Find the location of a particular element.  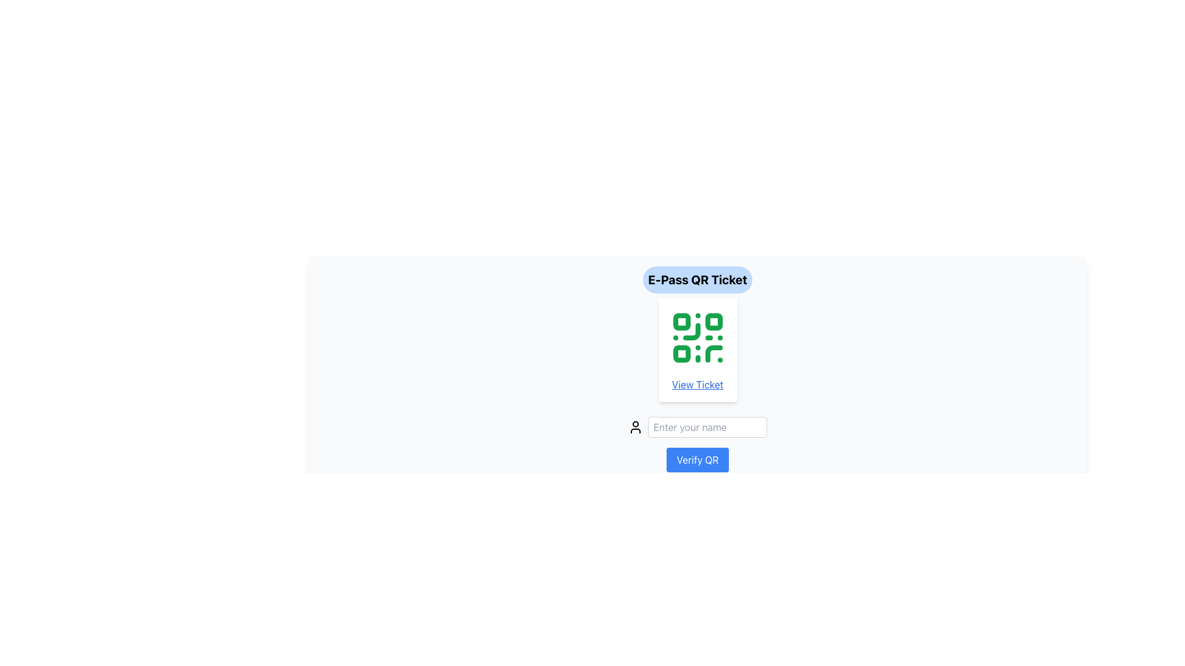

the icon that serves as a visual cue for the adjacent text input field labeled 'Enter your name', positioned to the left of it is located at coordinates (636, 427).